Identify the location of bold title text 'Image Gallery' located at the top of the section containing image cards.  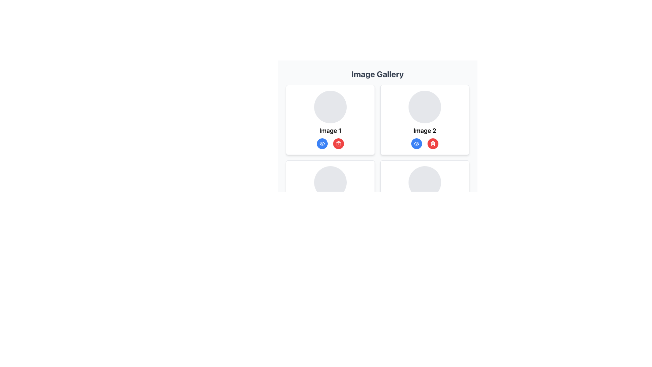
(377, 74).